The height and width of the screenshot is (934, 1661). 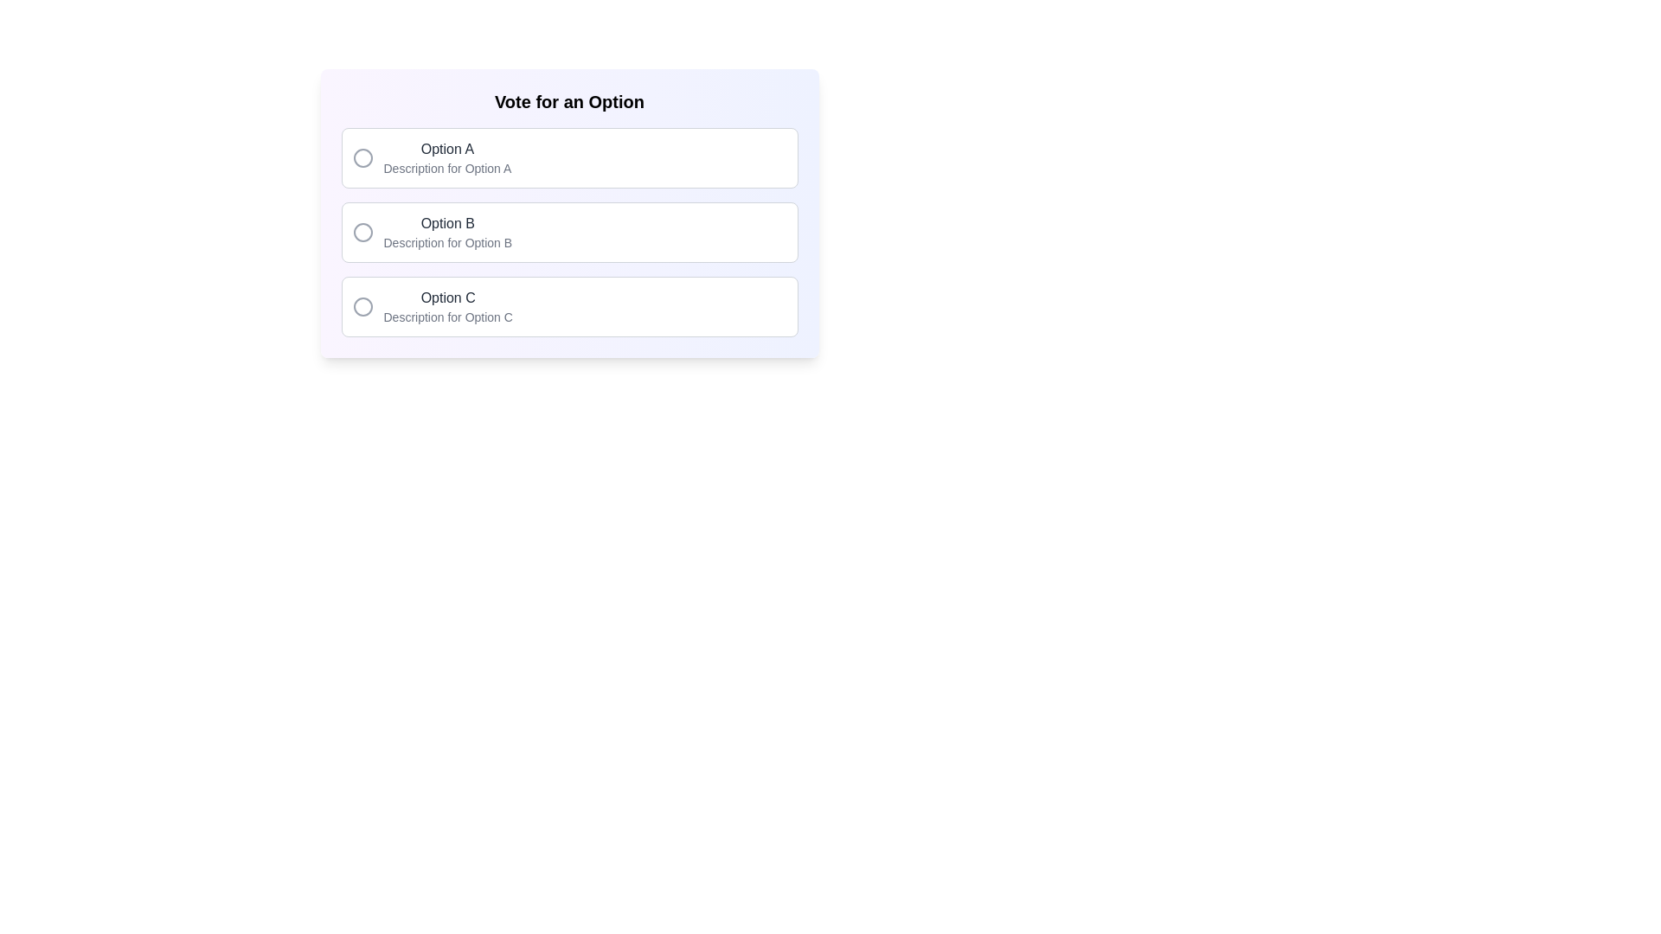 I want to click on the Text Display element that provides additional information about 'Option B', so click(x=447, y=243).